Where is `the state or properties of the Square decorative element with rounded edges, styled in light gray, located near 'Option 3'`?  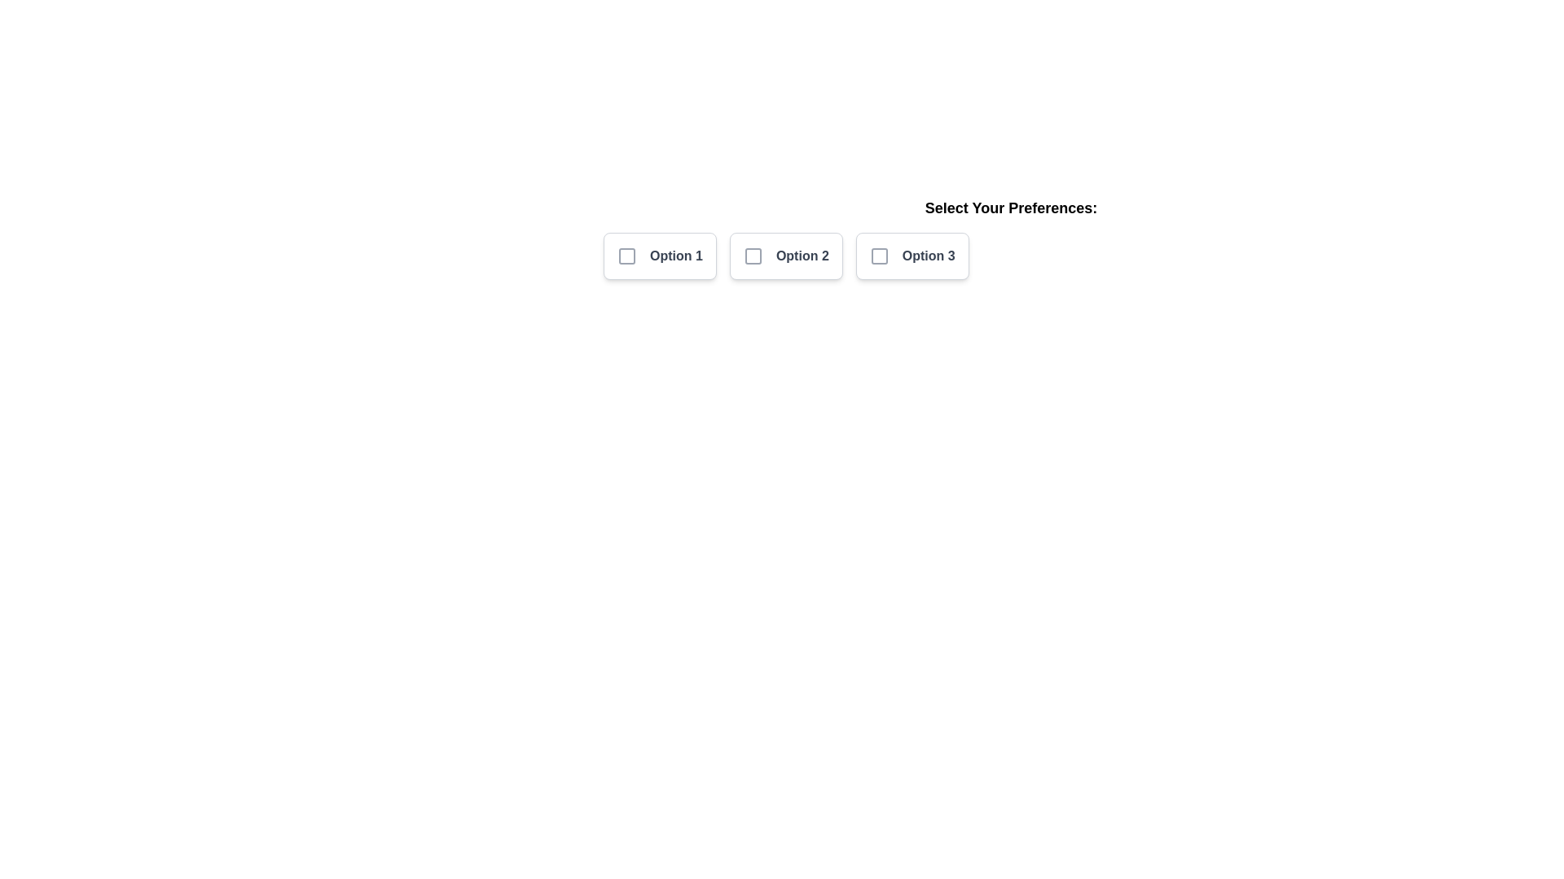
the state or properties of the Square decorative element with rounded edges, styled in light gray, located near 'Option 3' is located at coordinates (878, 256).